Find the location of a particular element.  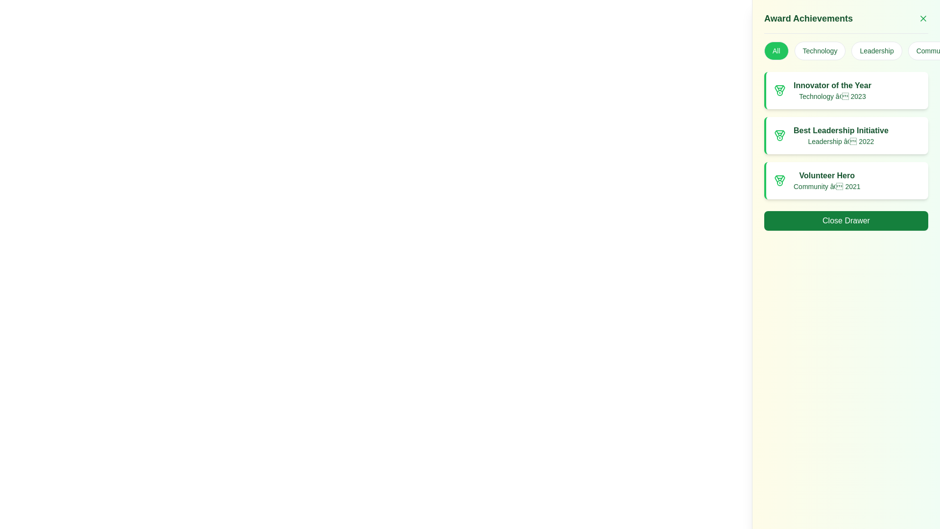

the green medal icon located at the left end of the 'Volunteer Hero' award entry is located at coordinates (779, 181).